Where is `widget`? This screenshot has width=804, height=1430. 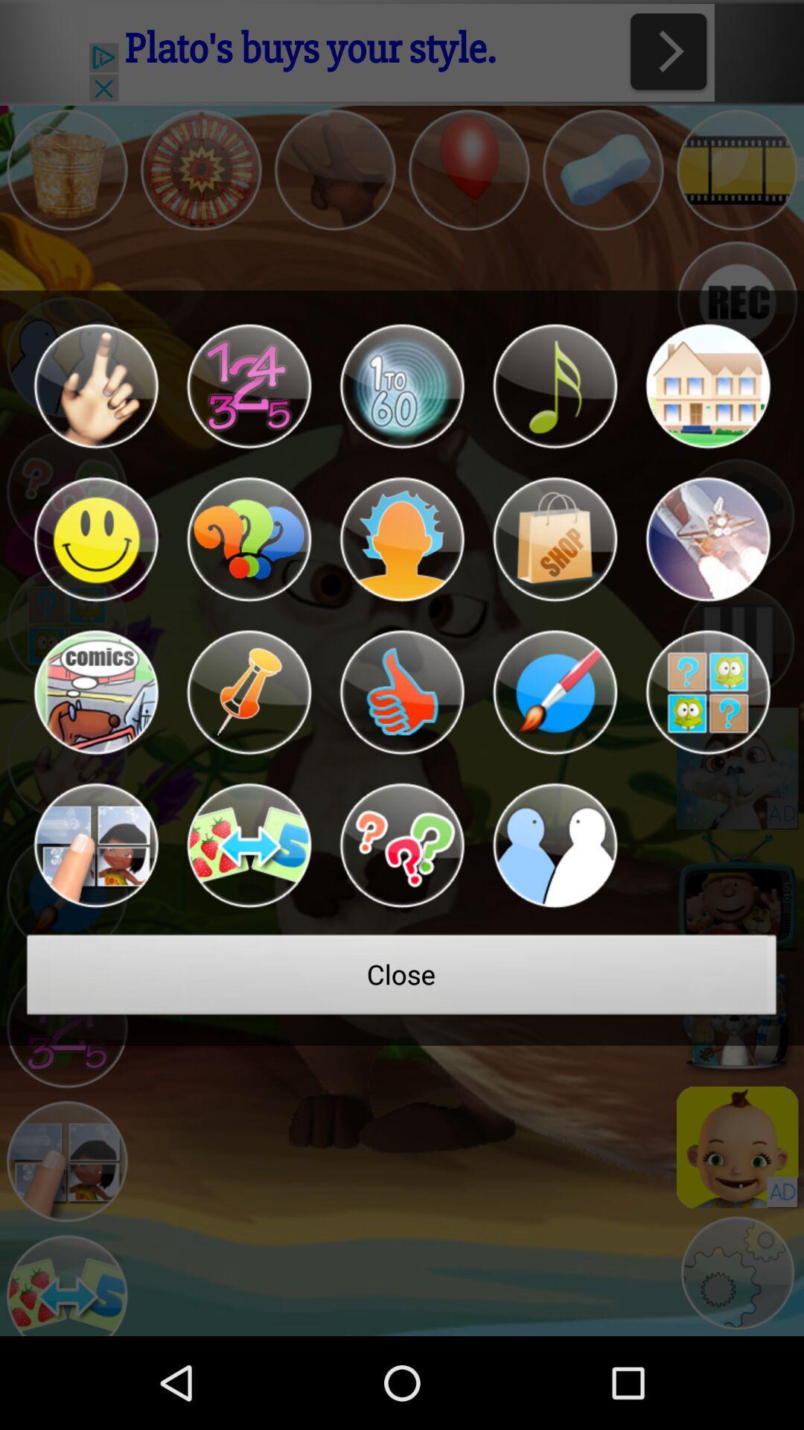
widget is located at coordinates (402, 386).